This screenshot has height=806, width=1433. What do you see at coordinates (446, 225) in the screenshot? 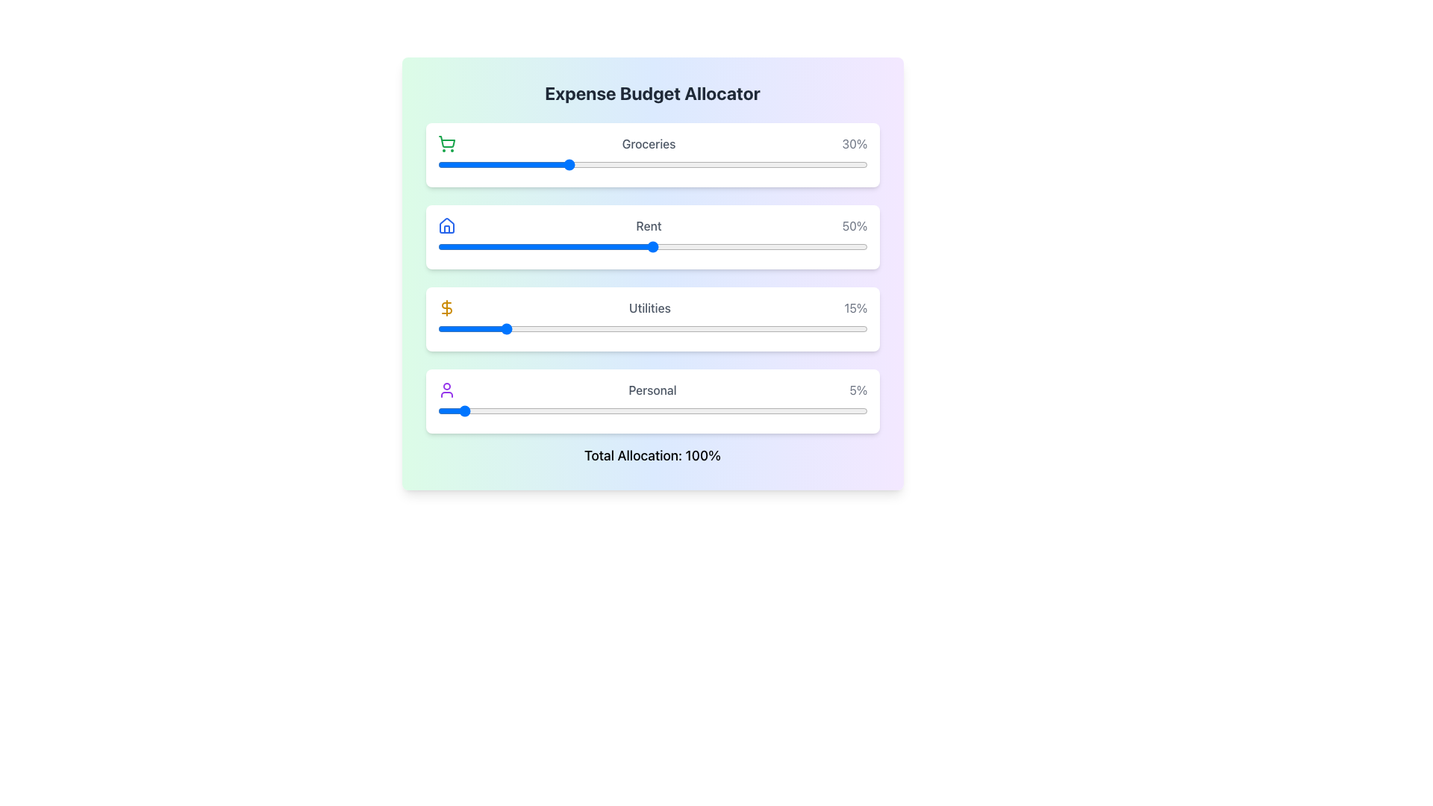
I see `the roof section of the house icon representing the 'Rent' category, located in the second row group from the top` at bounding box center [446, 225].